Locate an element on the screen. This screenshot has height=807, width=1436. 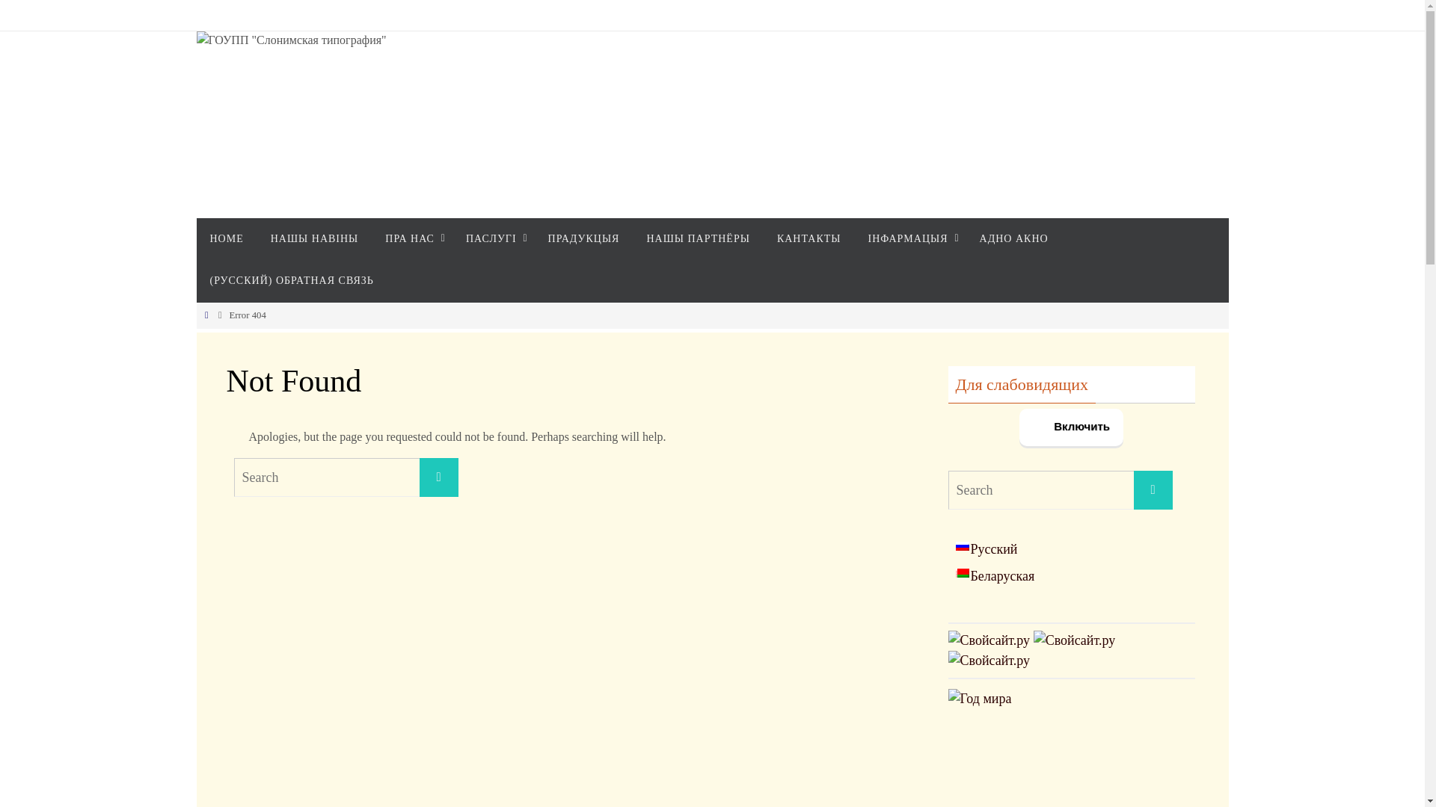
'HOME' is located at coordinates (195, 238).